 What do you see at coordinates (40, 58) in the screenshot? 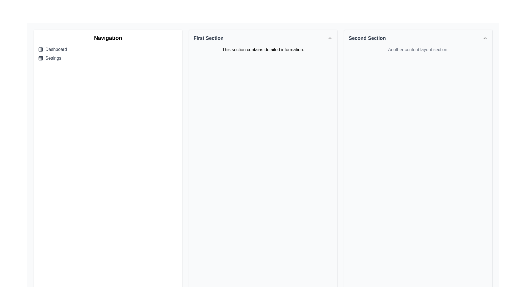
I see `the small grid icon styled as a 3x3 grid with rounded corners, located second in the vertical list of the navigation sidebar adjacent to the 'Settings' text item` at bounding box center [40, 58].